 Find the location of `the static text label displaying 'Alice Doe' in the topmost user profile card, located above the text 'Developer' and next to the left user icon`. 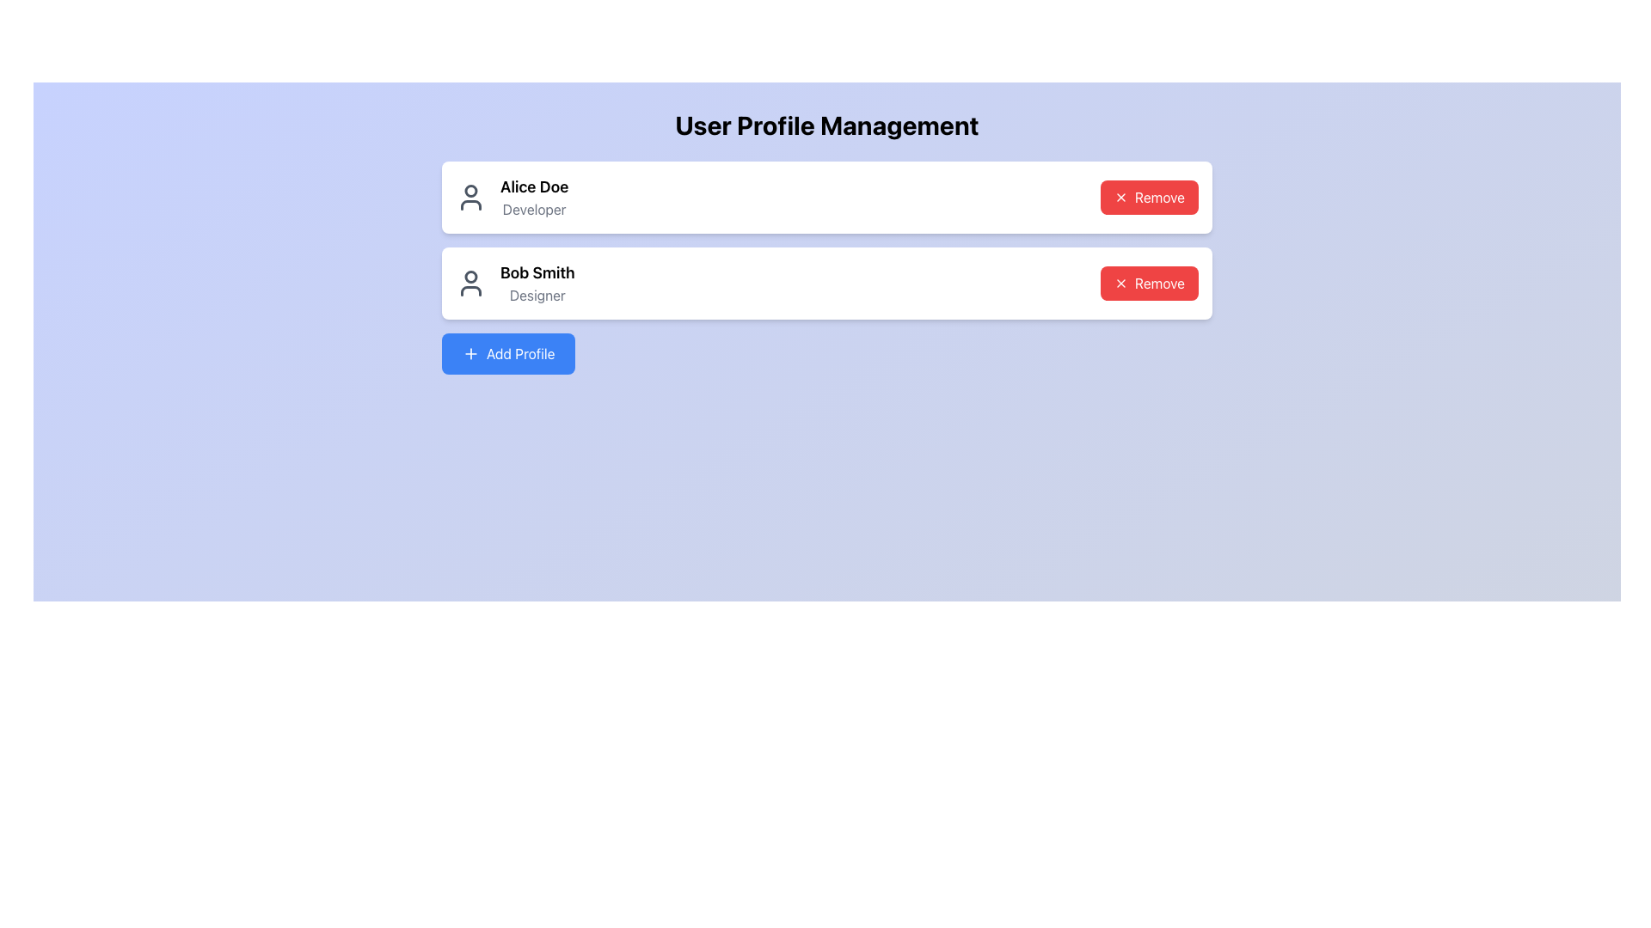

the static text label displaying 'Alice Doe' in the topmost user profile card, located above the text 'Developer' and next to the left user icon is located at coordinates (533, 187).